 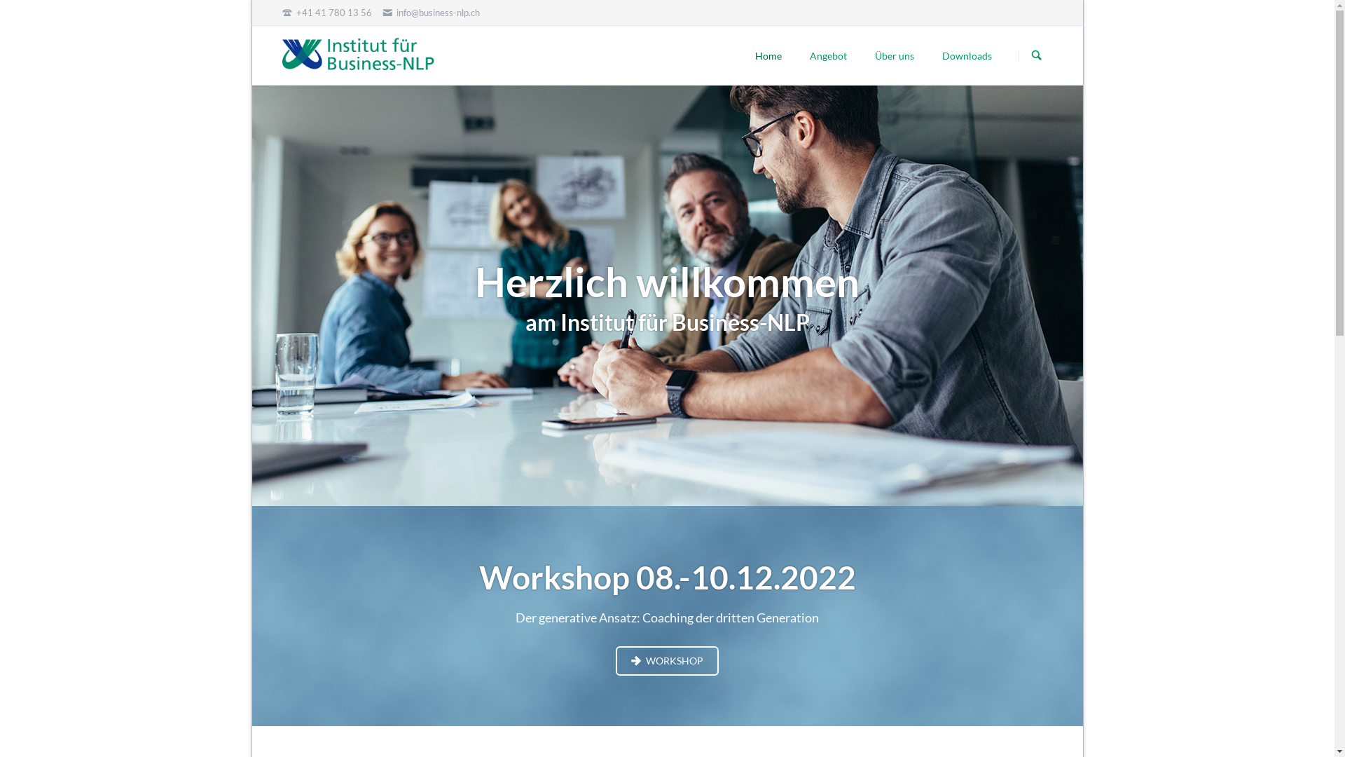 I want to click on 'SUCHEN', so click(x=1036, y=55).